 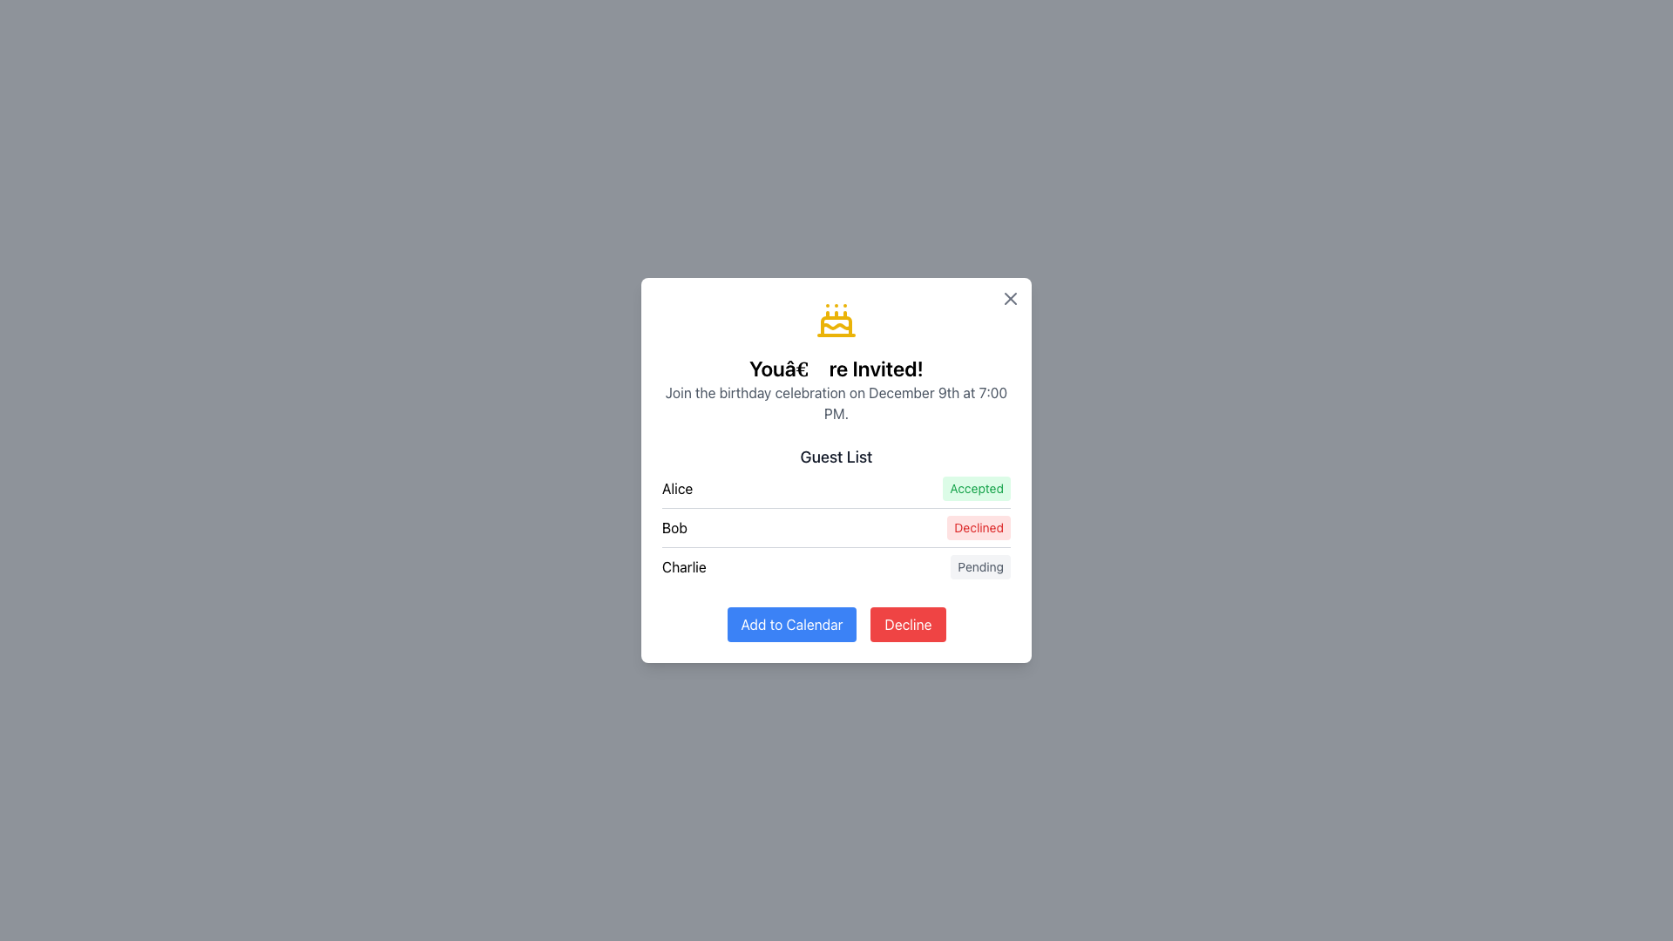 What do you see at coordinates (836, 319) in the screenshot?
I see `the decorative birthday celebration icon located at the top-center of the dialog box, above the title text 'You’re Invited!'` at bounding box center [836, 319].